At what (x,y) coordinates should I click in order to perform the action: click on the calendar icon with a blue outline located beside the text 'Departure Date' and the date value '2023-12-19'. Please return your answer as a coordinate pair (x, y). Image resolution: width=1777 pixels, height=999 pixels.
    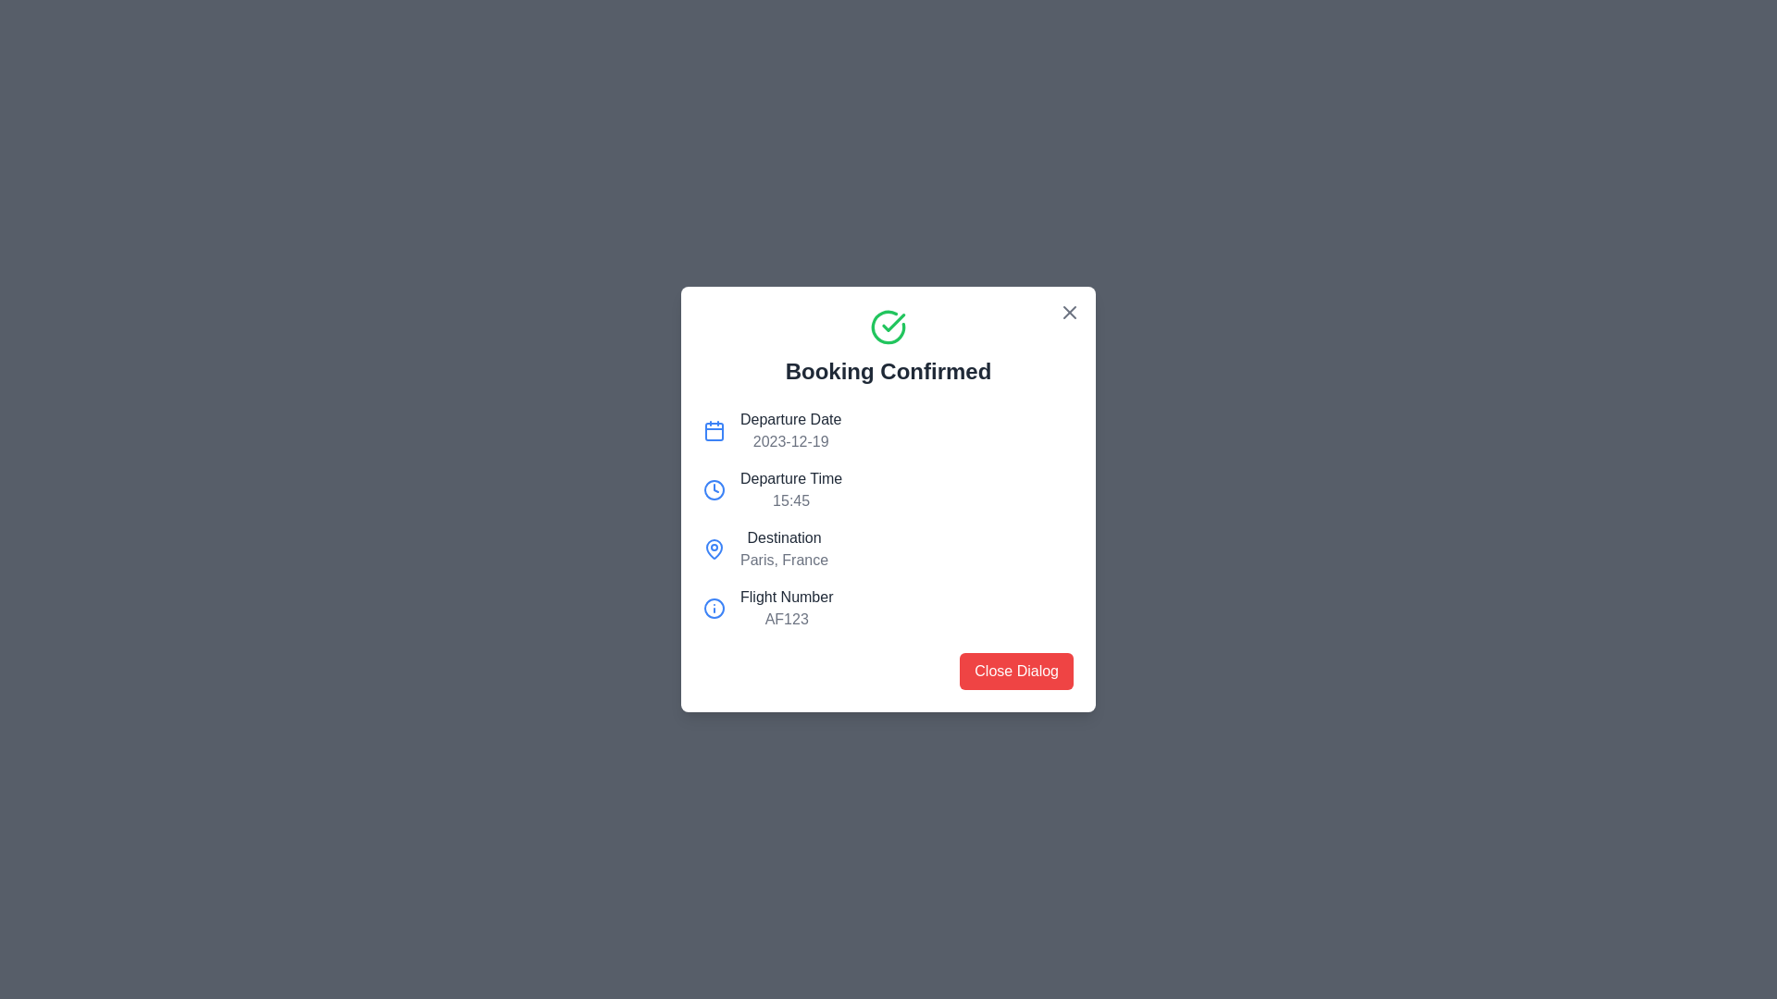
    Looking at the image, I should click on (714, 431).